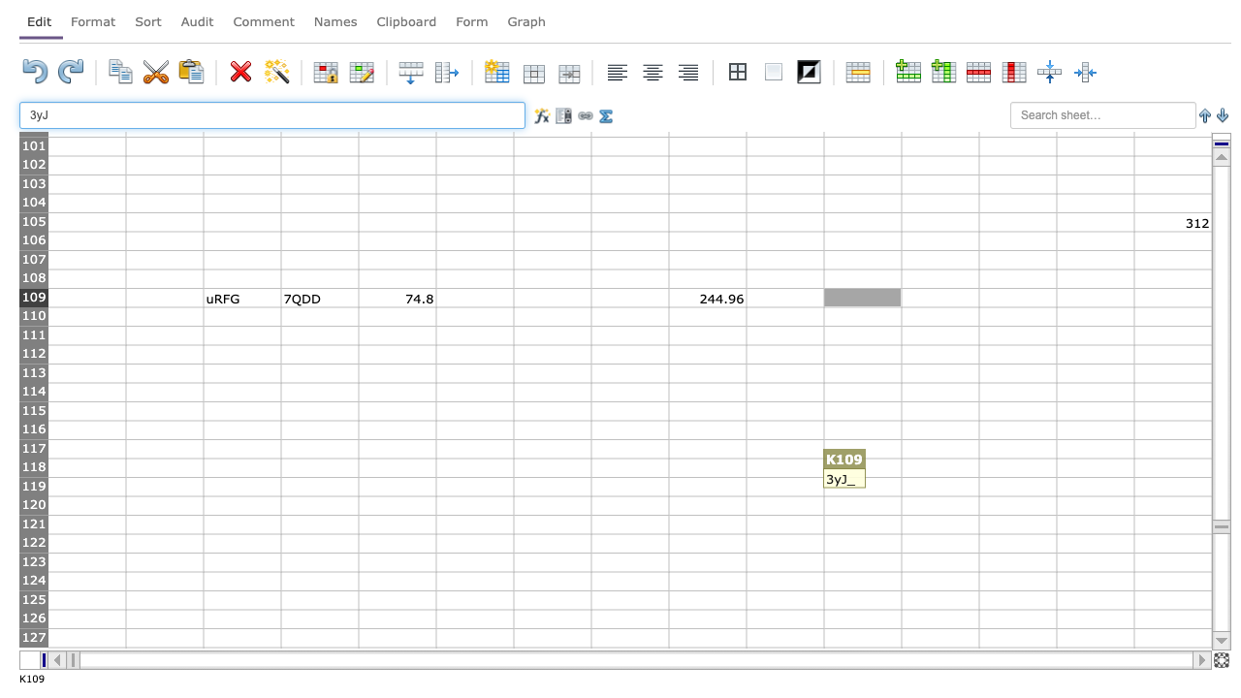 Image resolution: width=1241 pixels, height=698 pixels. What do you see at coordinates (1016, 486) in the screenshot?
I see `on M119` at bounding box center [1016, 486].